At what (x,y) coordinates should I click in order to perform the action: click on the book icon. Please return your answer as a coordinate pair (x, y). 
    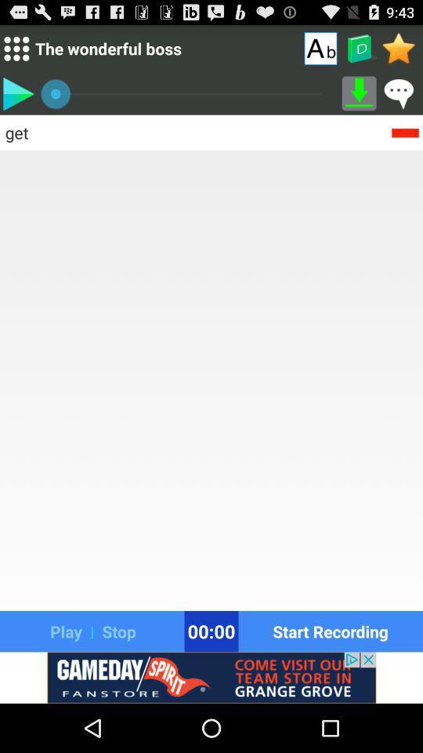
    Looking at the image, I should click on (359, 52).